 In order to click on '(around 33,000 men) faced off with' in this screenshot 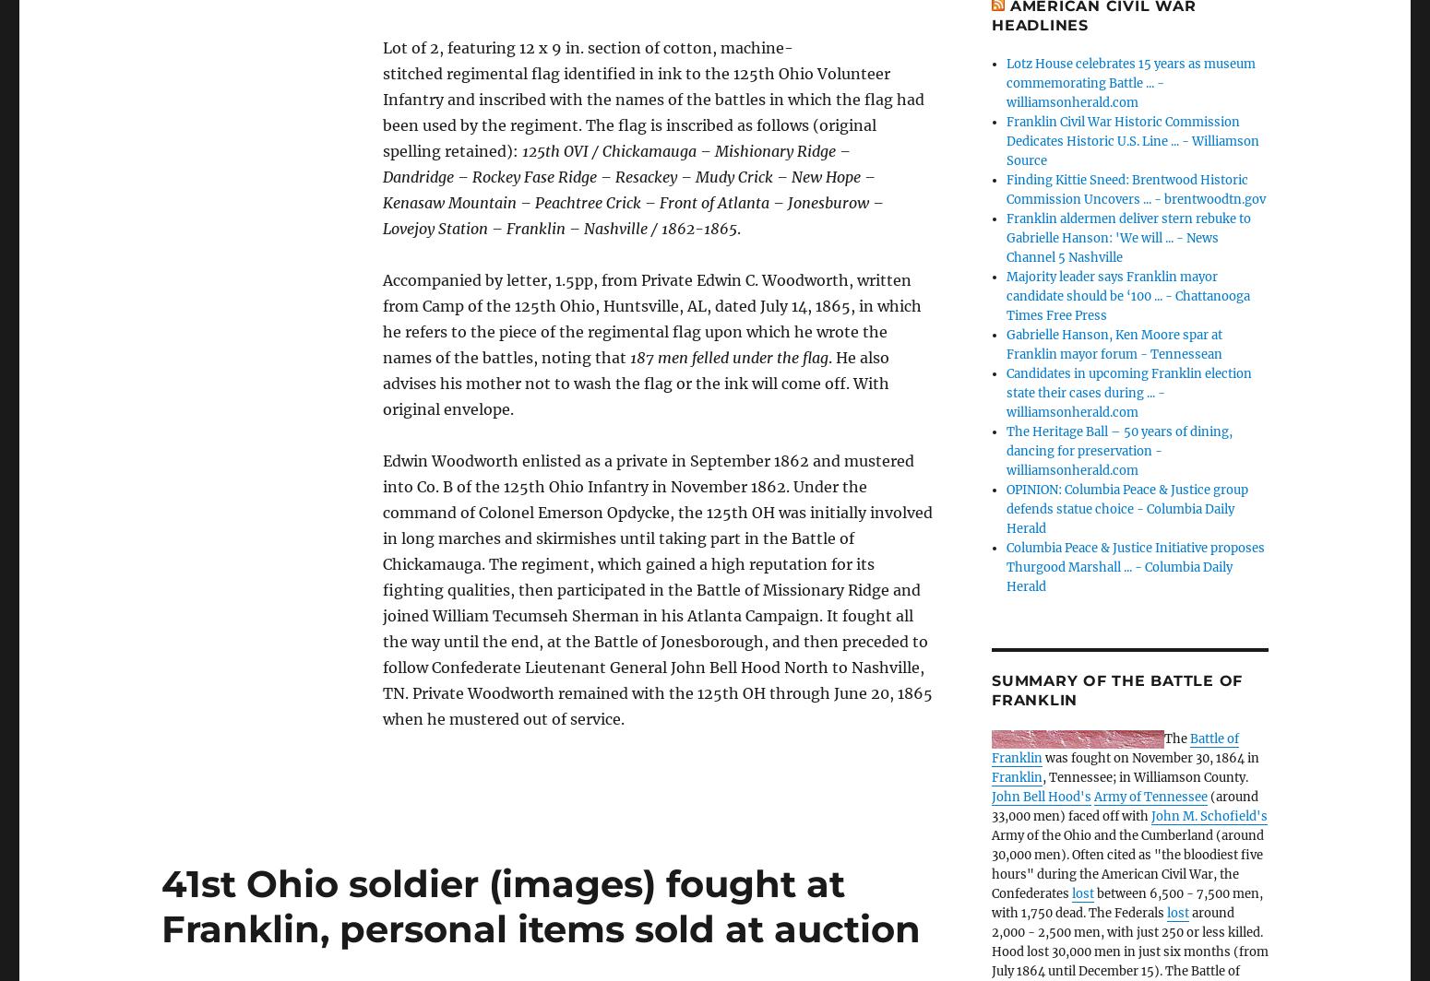, I will do `click(1125, 807)`.